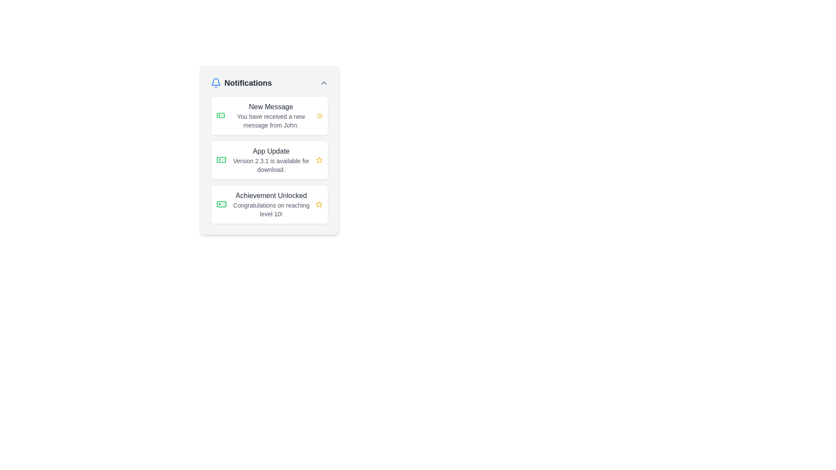  What do you see at coordinates (271, 165) in the screenshot?
I see `text from the textual label stating 'Version 2.3.1 is available for download.' which is located within the 'App Update' notification card` at bounding box center [271, 165].